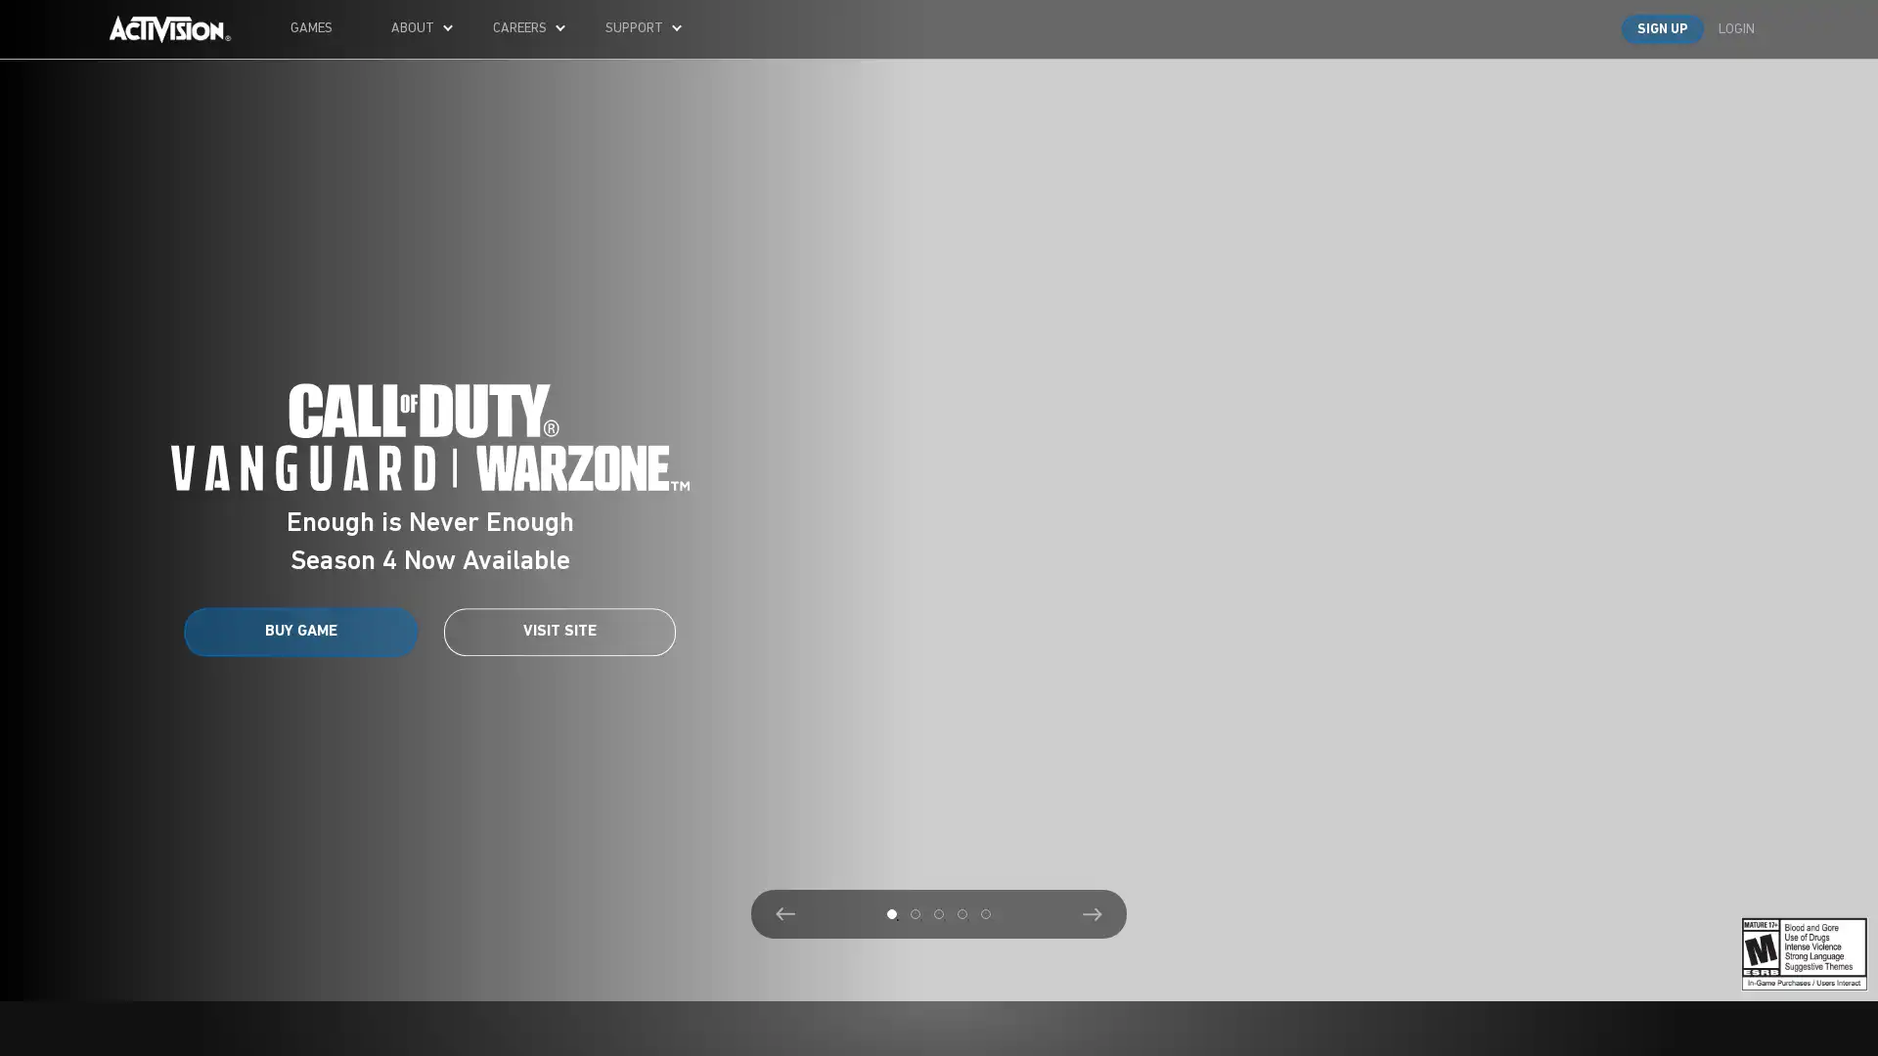  What do you see at coordinates (785, 913) in the screenshot?
I see `Previous` at bounding box center [785, 913].